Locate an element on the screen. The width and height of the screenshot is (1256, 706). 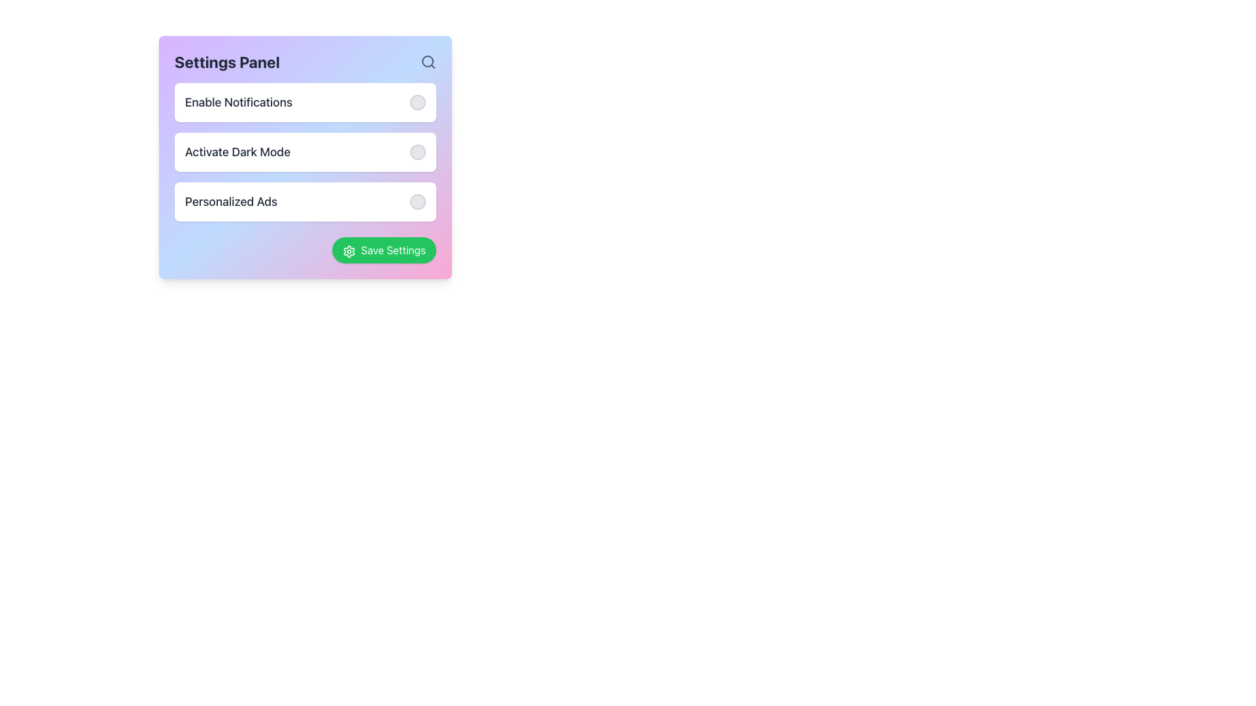
the toggle switch in the settings panel is located at coordinates (304, 102).